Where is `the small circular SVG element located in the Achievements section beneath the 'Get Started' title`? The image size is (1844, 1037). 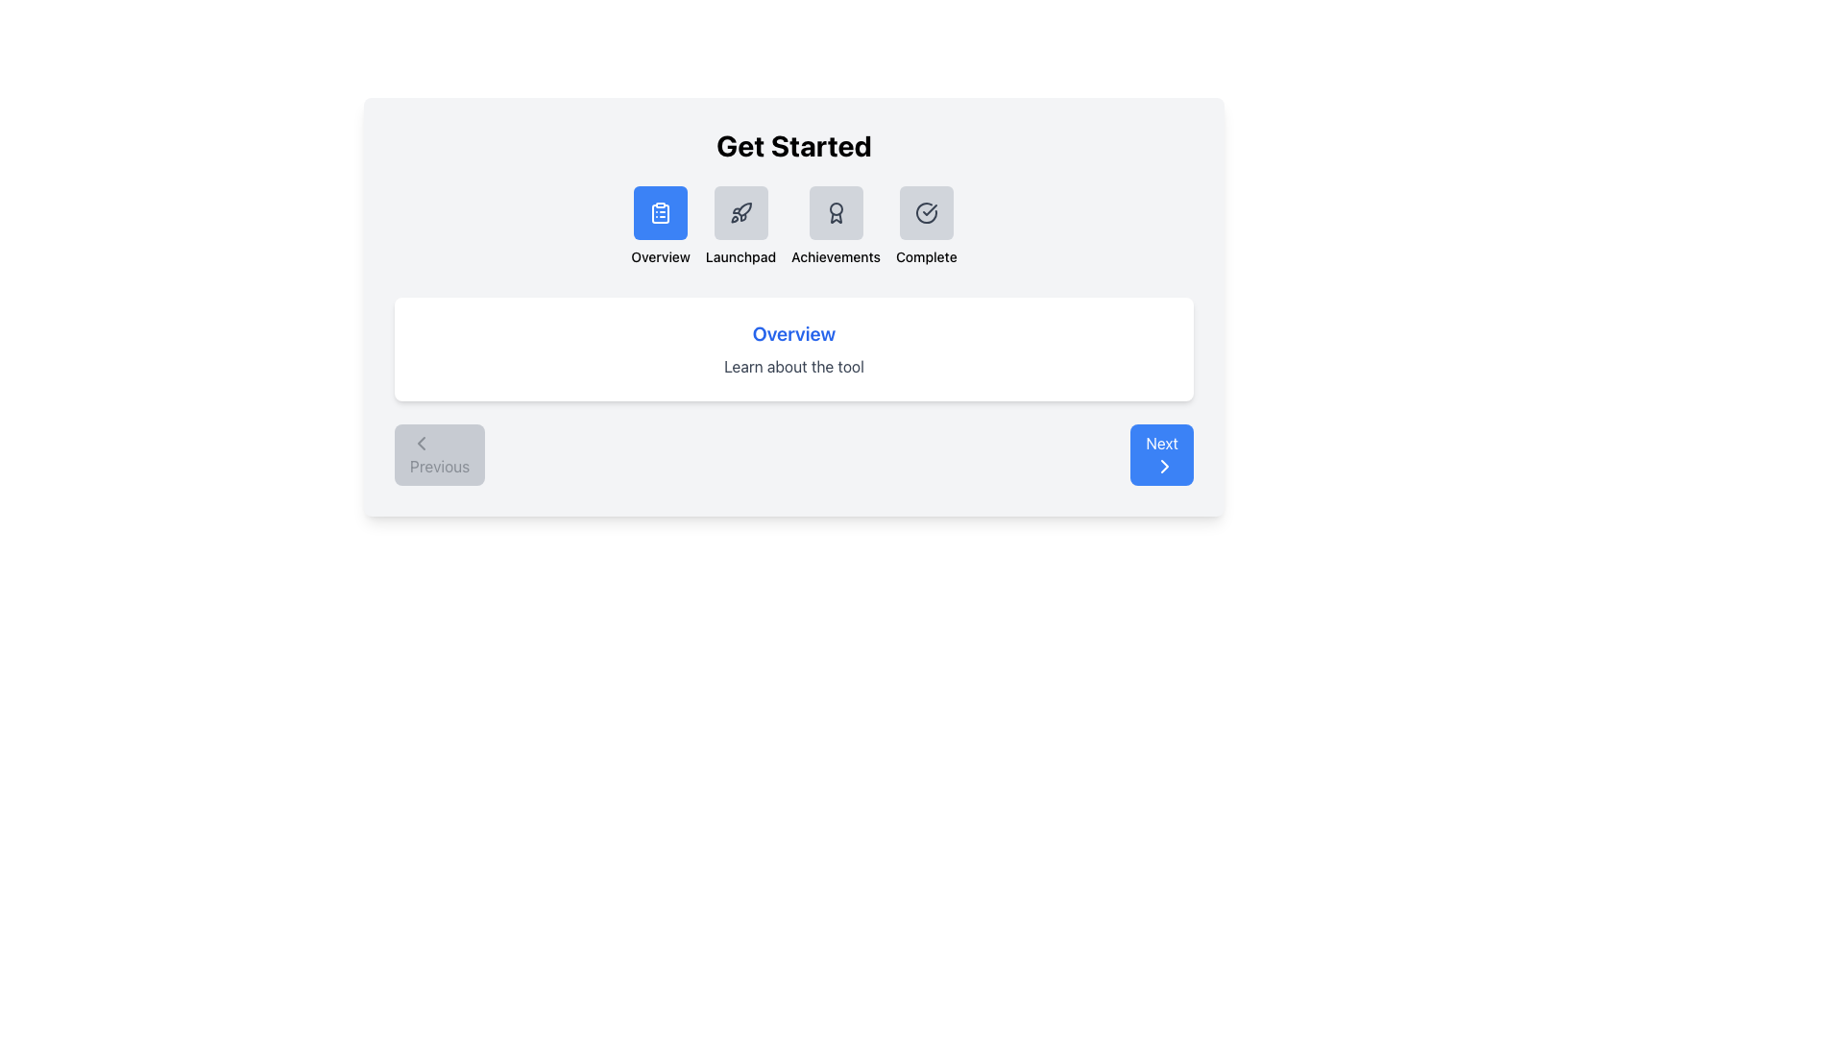 the small circular SVG element located in the Achievements section beneath the 'Get Started' title is located at coordinates (836, 209).